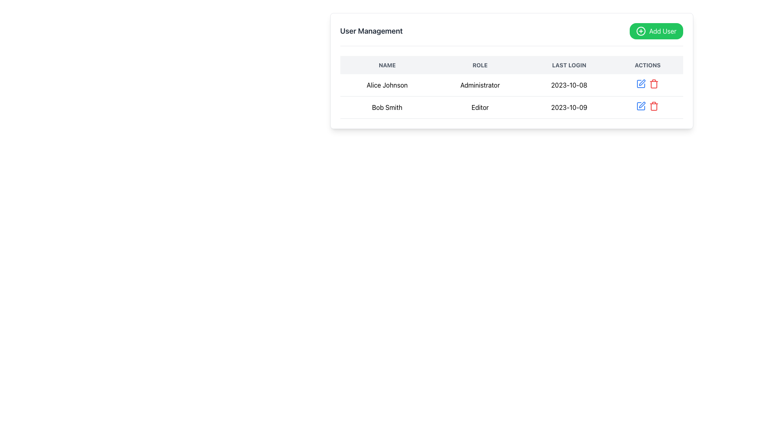  What do you see at coordinates (511, 96) in the screenshot?
I see `the first row of the user information table, which displays user details such as name, role, and last login` at bounding box center [511, 96].